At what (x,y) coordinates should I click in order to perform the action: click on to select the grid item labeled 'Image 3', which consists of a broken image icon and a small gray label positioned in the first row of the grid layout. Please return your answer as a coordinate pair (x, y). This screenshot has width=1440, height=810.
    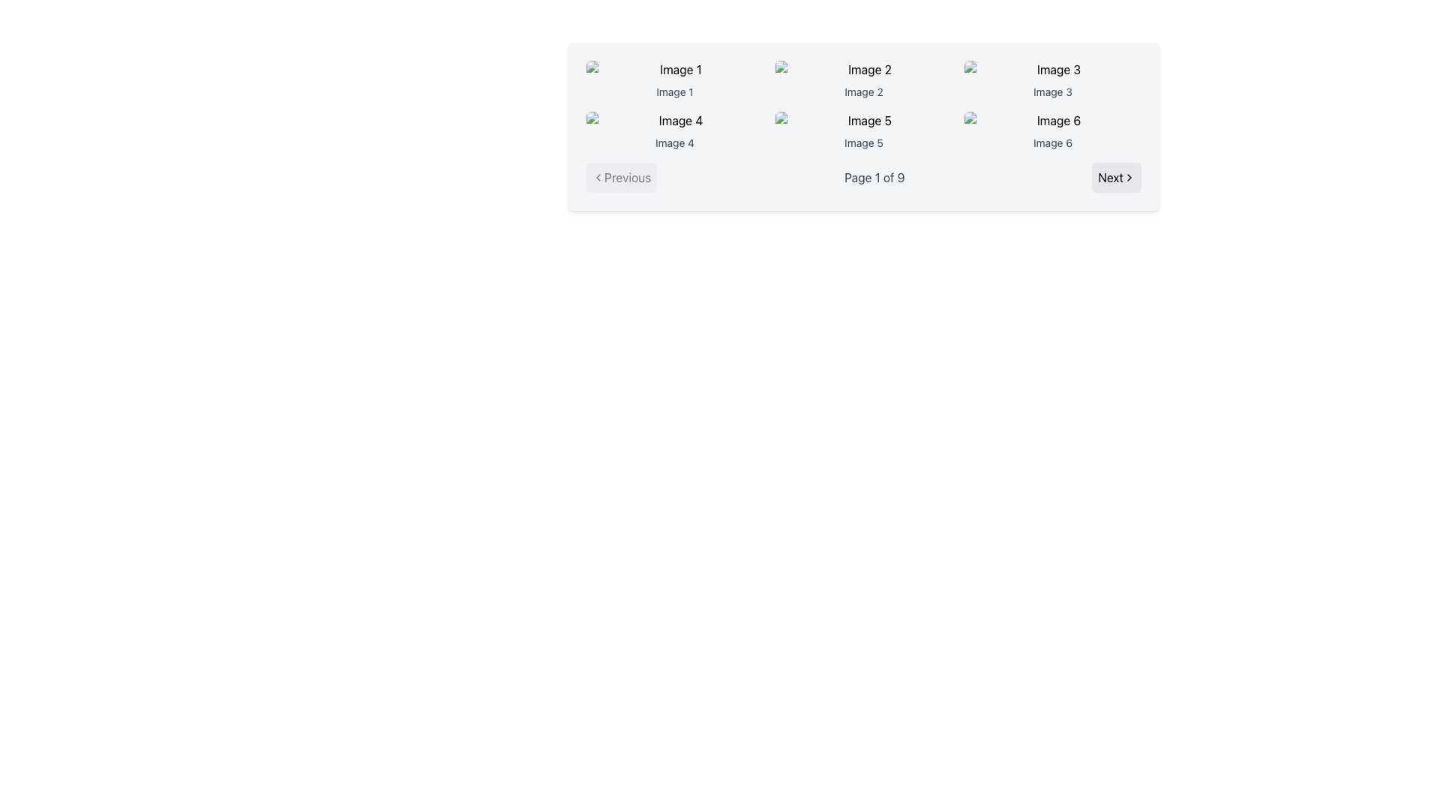
    Looking at the image, I should click on (1051, 80).